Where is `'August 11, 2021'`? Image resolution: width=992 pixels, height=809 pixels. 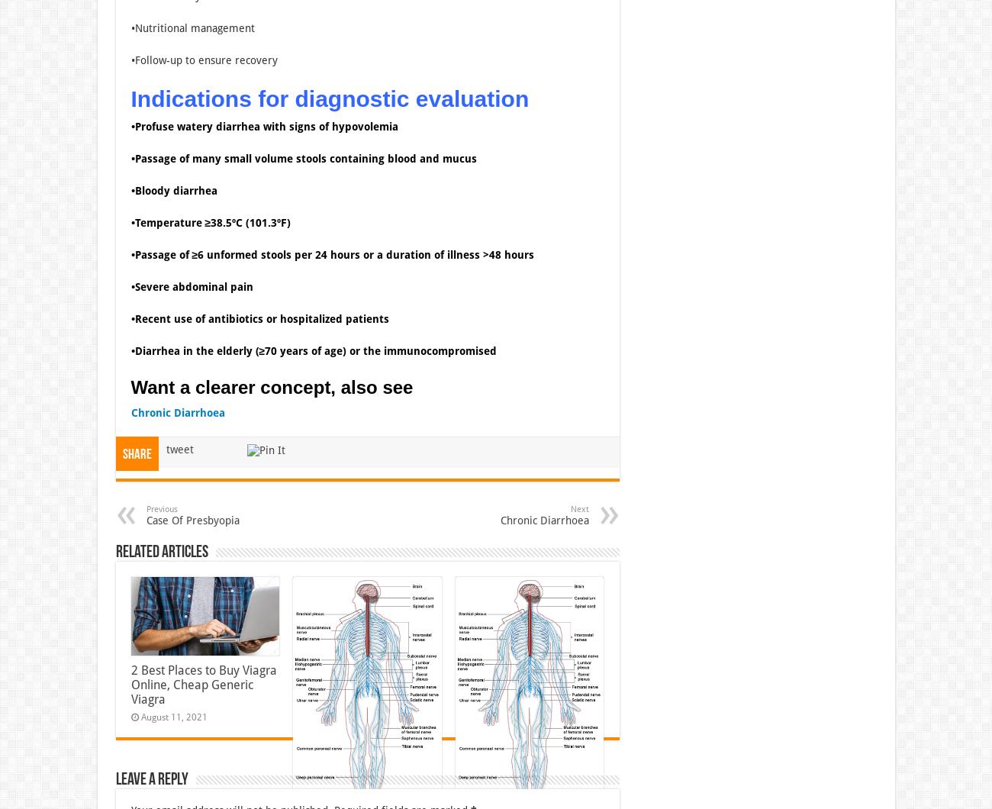 'August 11, 2021' is located at coordinates (172, 717).